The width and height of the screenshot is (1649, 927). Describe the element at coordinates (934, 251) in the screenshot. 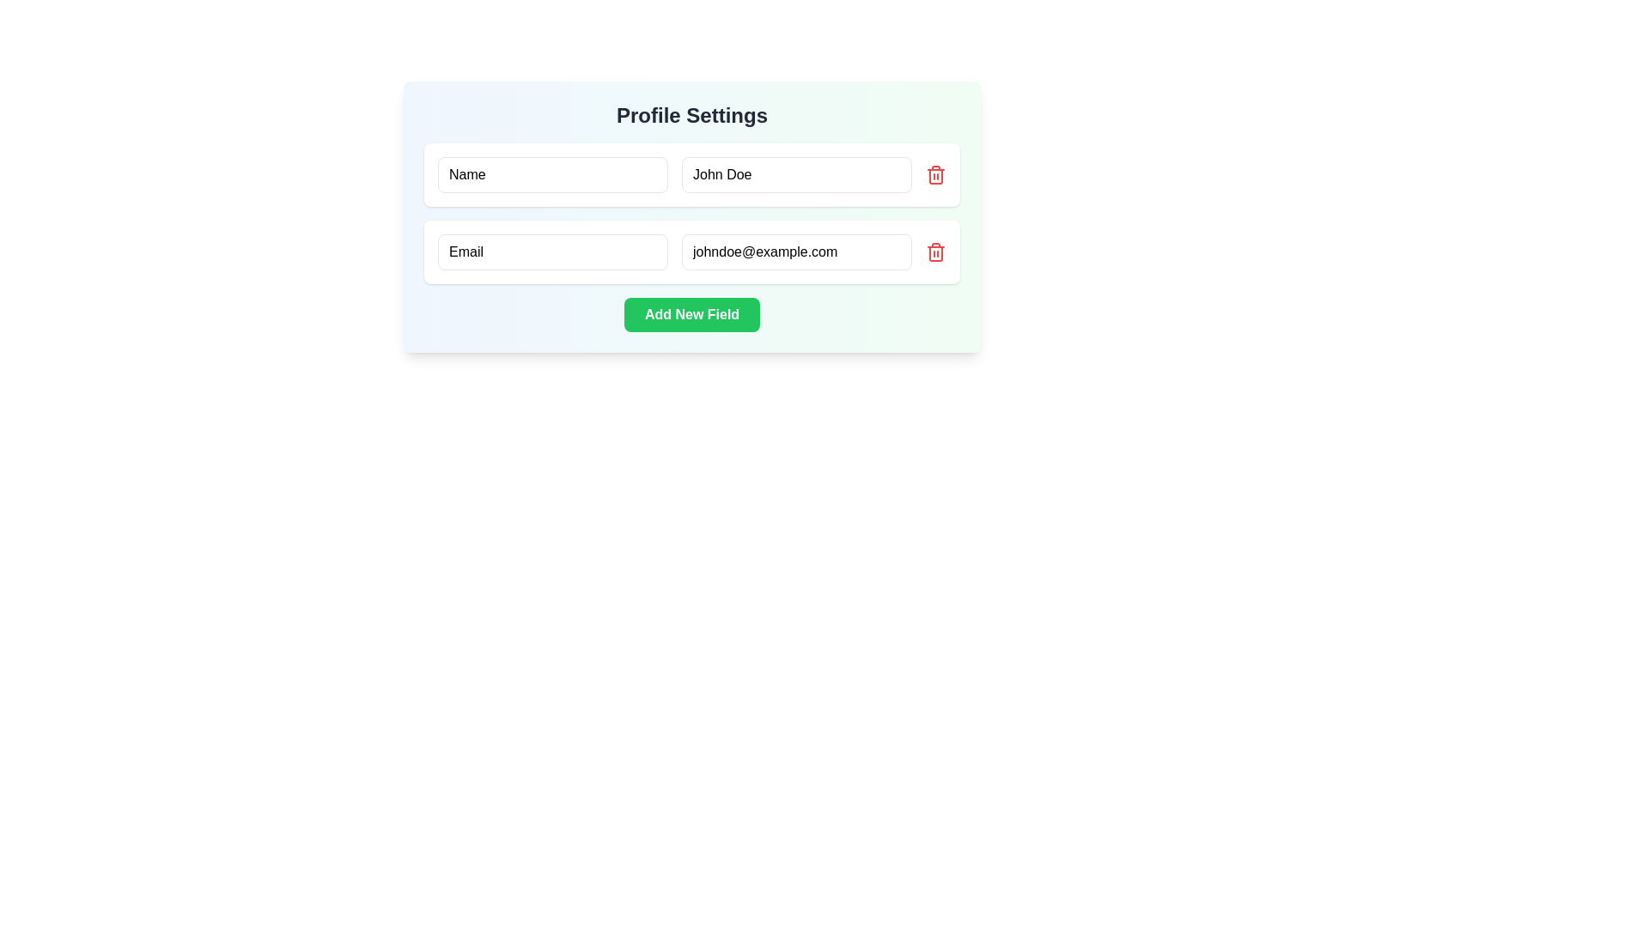

I see `the delete button located in the second row to the right of the email input field 'johndoe@example.com' to identify its purpose` at that location.